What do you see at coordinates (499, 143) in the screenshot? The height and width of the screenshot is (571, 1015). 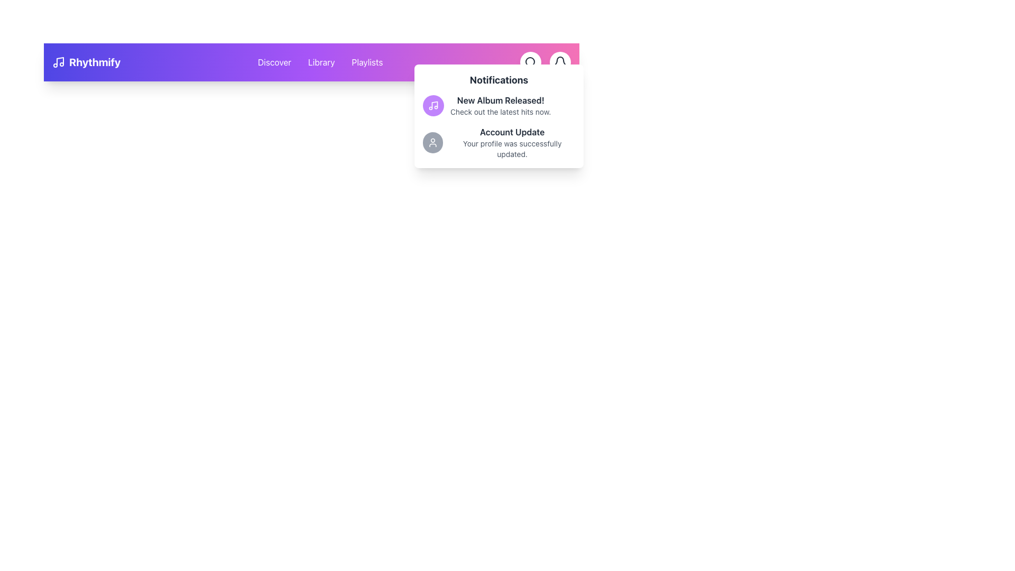 I see `the second notification item in the dropdown card that reads 'Account Update' and has a user silhouette icon to the left` at bounding box center [499, 143].